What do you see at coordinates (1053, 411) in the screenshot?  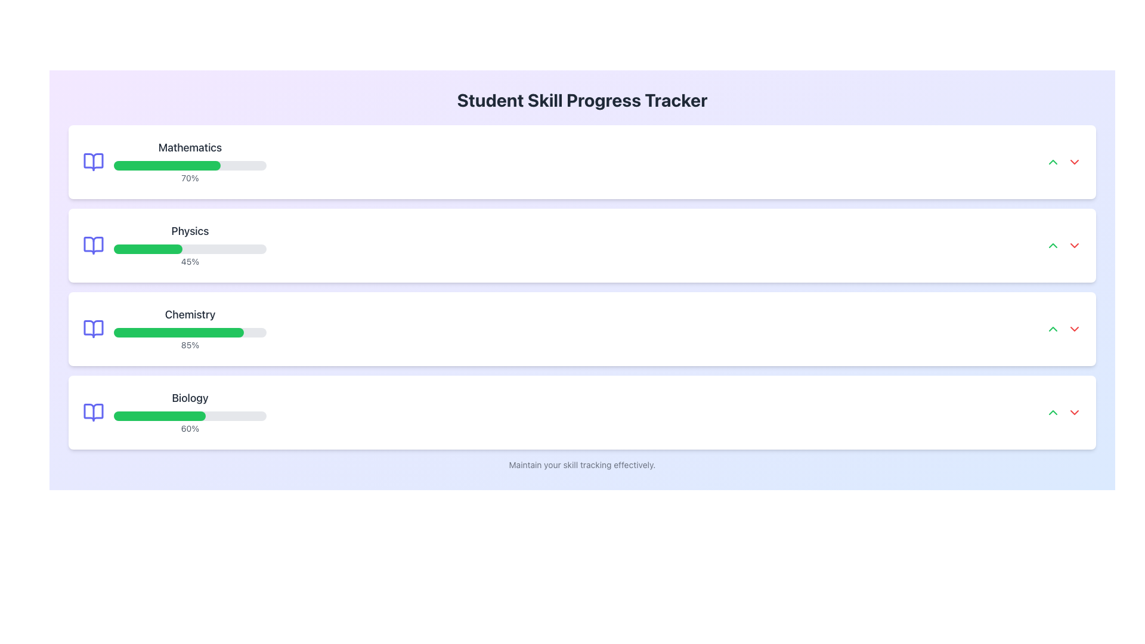 I see `the upward-pointing chevron button styled in green, located to the right of the 'Biology' section in the skill progress trackers` at bounding box center [1053, 411].